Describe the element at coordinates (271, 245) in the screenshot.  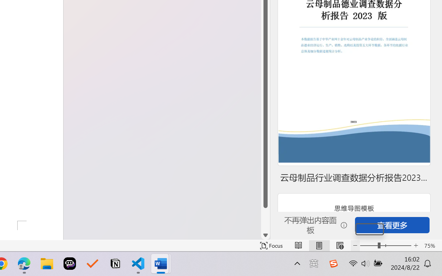
I see `'Focus '` at that location.